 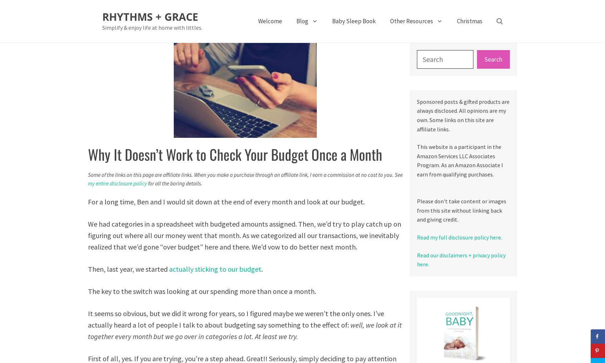 What do you see at coordinates (226, 201) in the screenshot?
I see `'For a long time, Ben and I would sit down at the end of every month and look at our budget.'` at bounding box center [226, 201].